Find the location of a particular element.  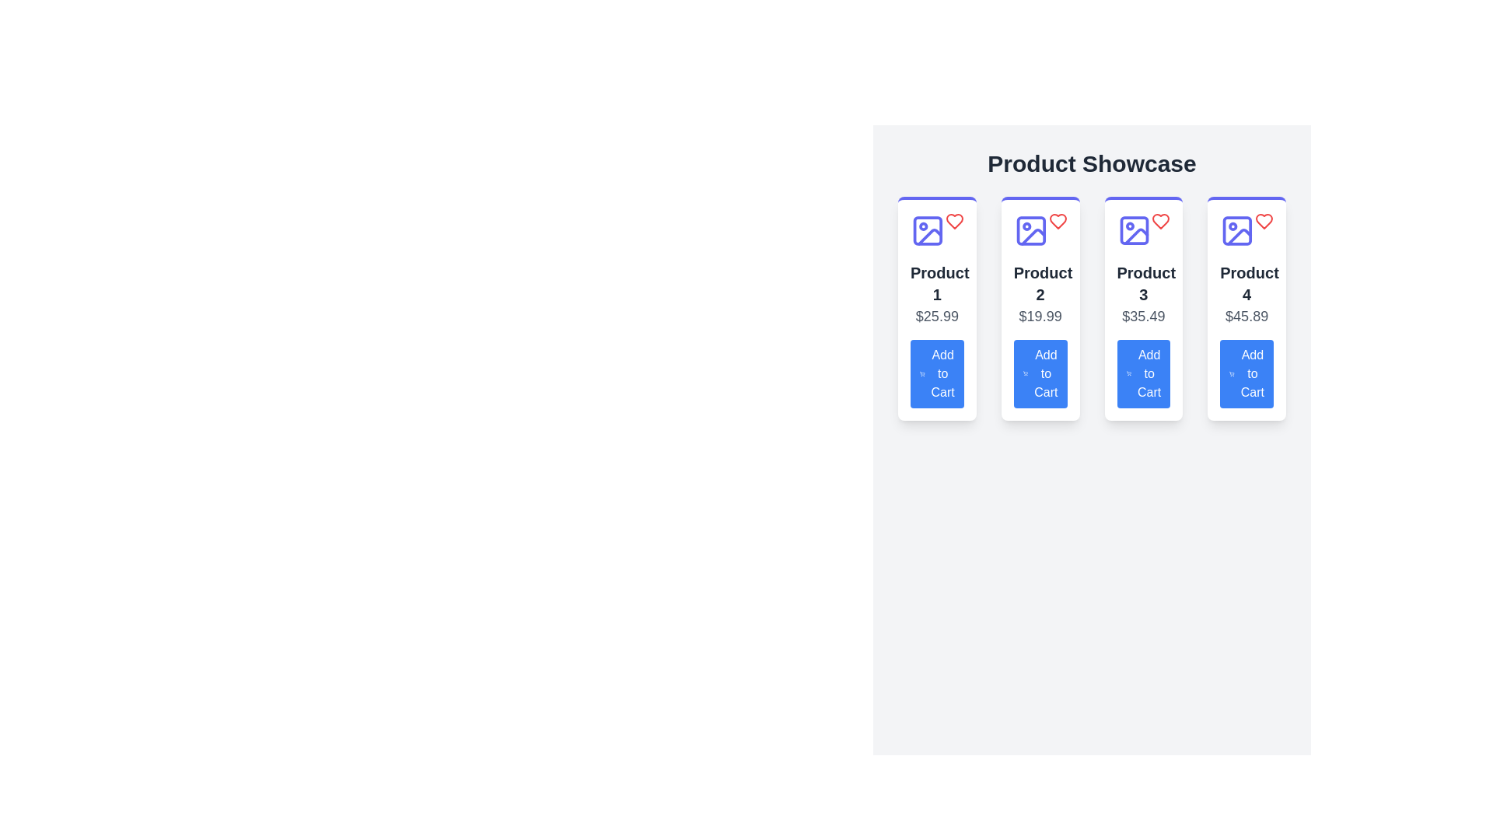

the indigo-hued icon with a rounded rectangular border representing an image or media, located above the text 'Product 1' in the first product card is located at coordinates (928, 231).